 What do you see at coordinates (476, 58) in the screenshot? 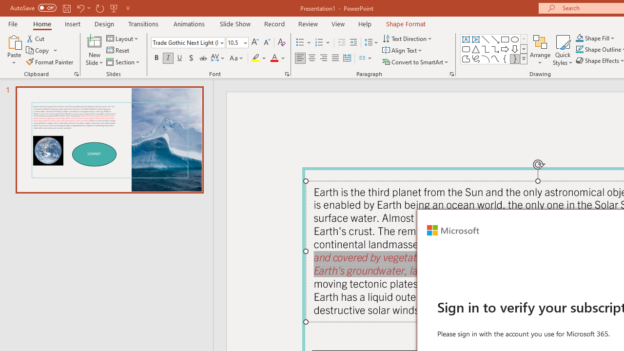
I see `'Freeform: Scribble'` at bounding box center [476, 58].